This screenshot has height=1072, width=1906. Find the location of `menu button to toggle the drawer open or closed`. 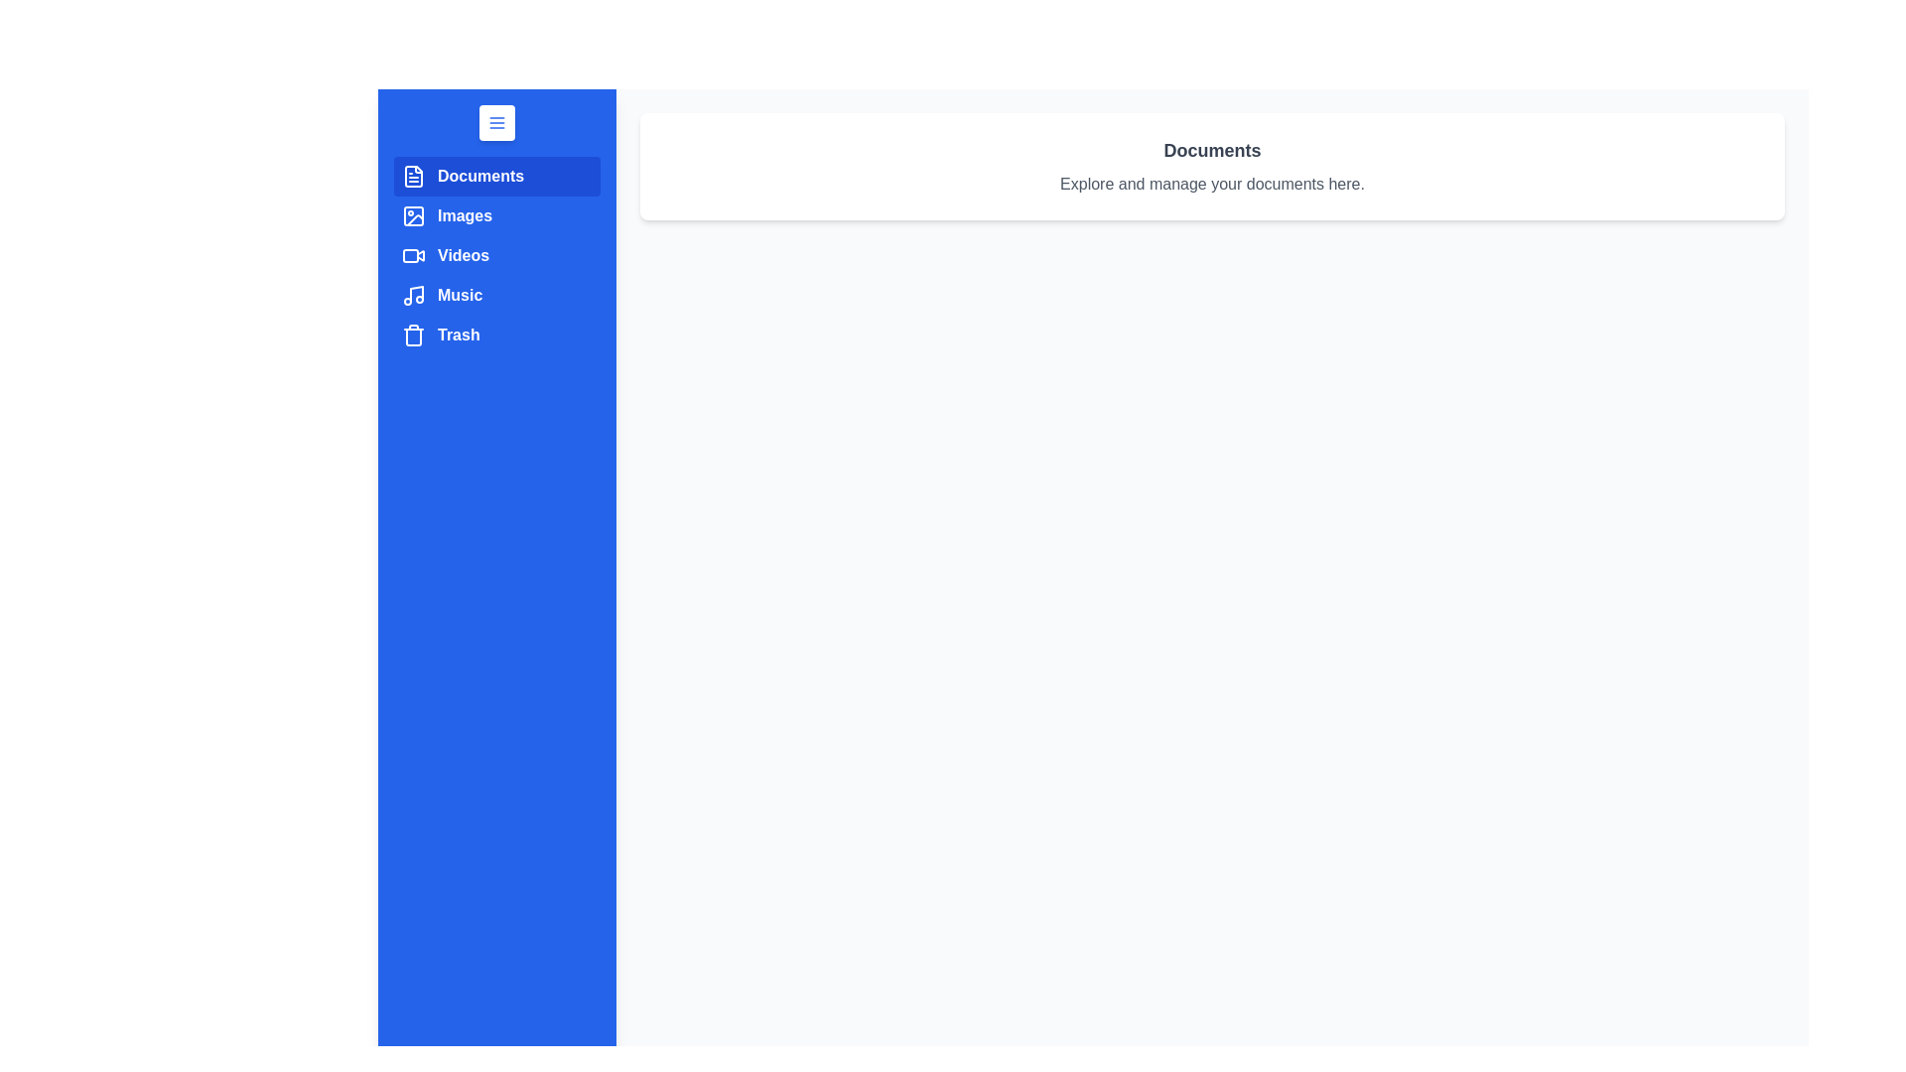

menu button to toggle the drawer open or closed is located at coordinates (496, 122).